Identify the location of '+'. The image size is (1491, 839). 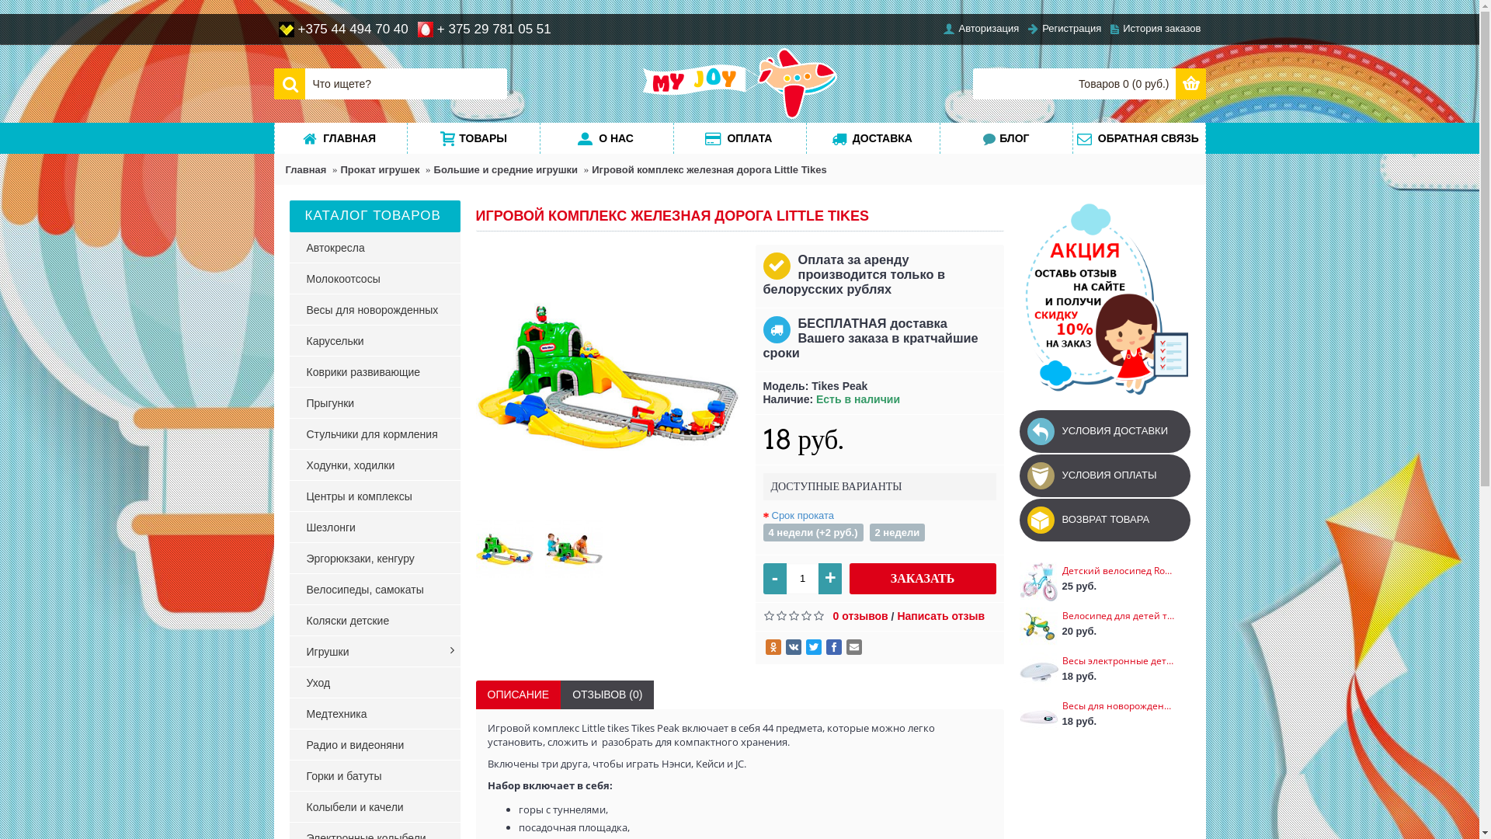
(818, 578).